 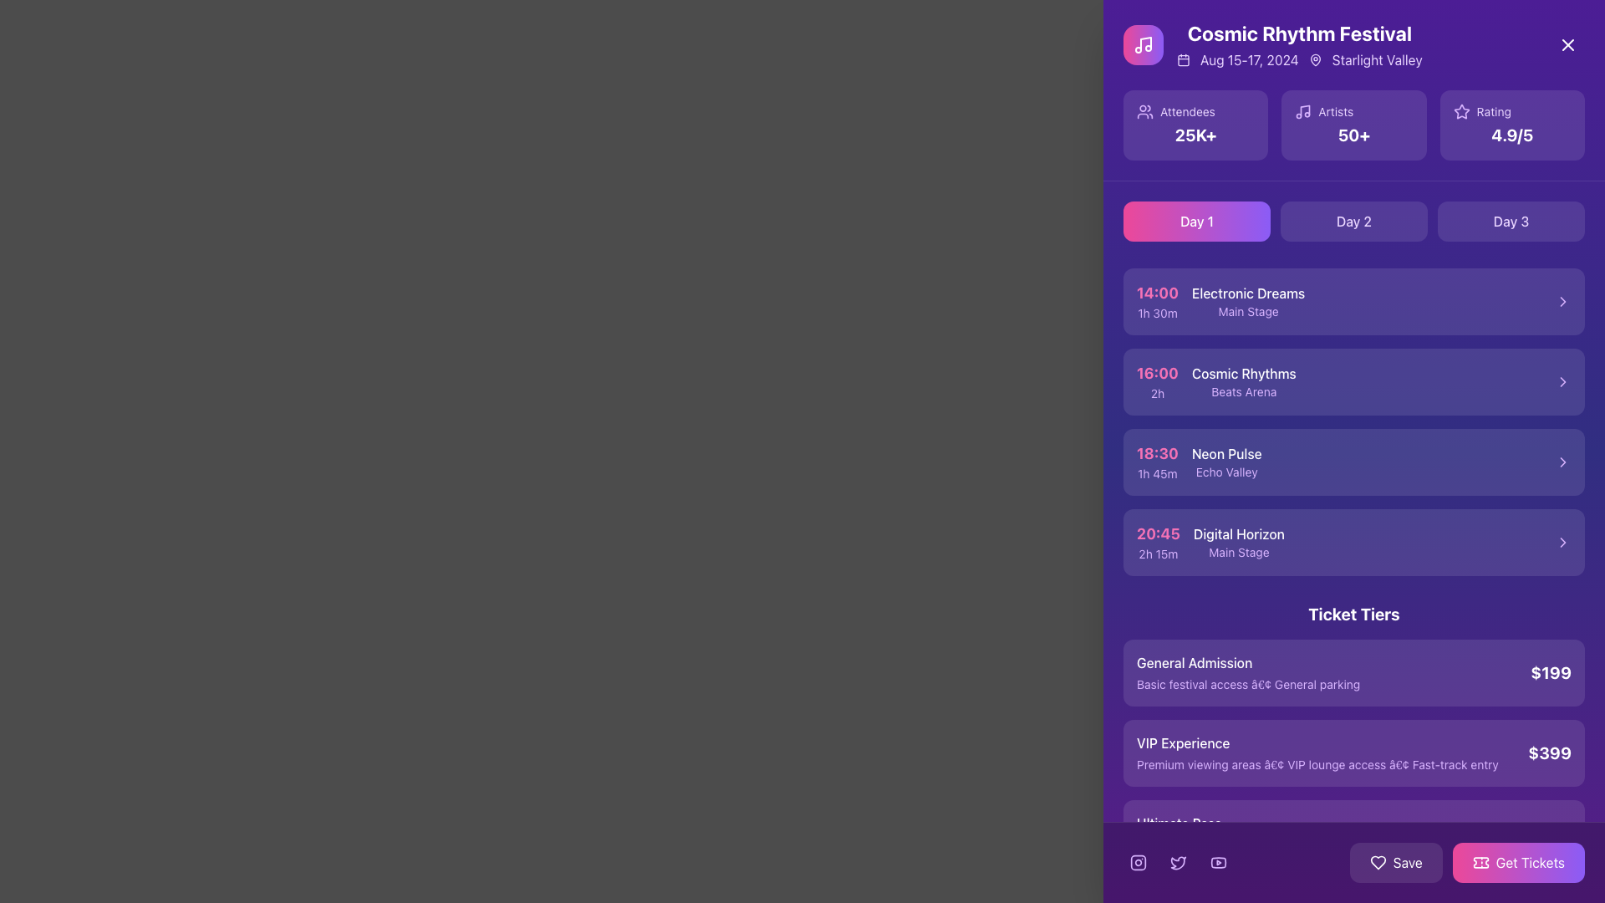 What do you see at coordinates (1354, 734) in the screenshot?
I see `the second informational card in the 'Ticket Tiers' section` at bounding box center [1354, 734].